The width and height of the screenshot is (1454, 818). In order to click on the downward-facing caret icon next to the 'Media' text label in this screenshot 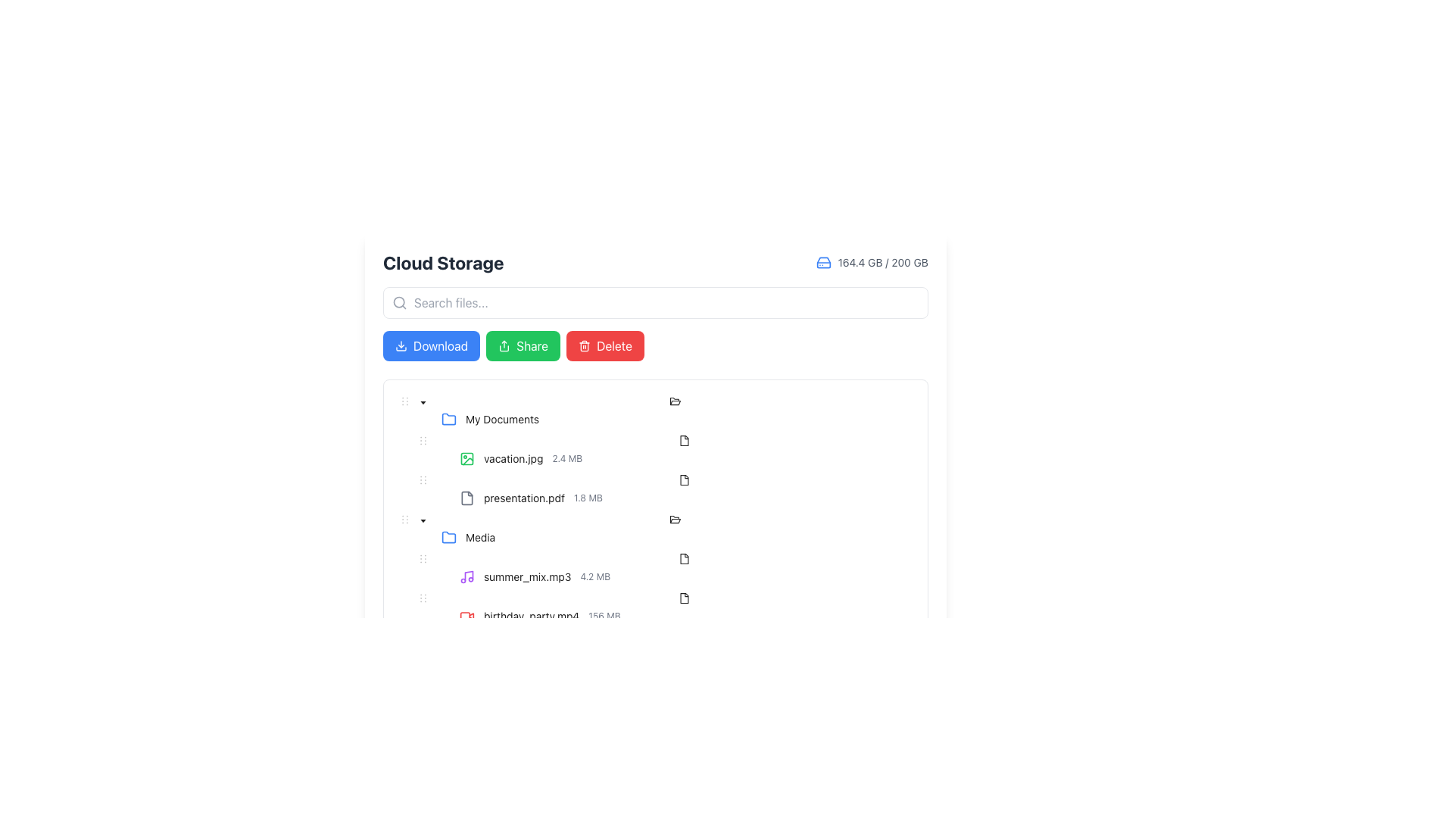, I will do `click(423, 528)`.